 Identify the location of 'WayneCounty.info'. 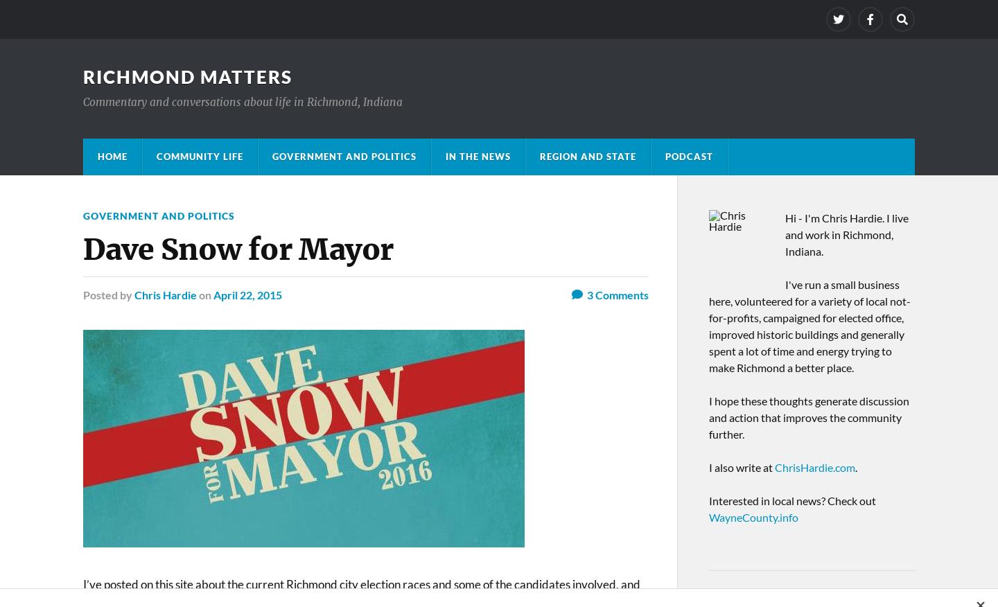
(753, 516).